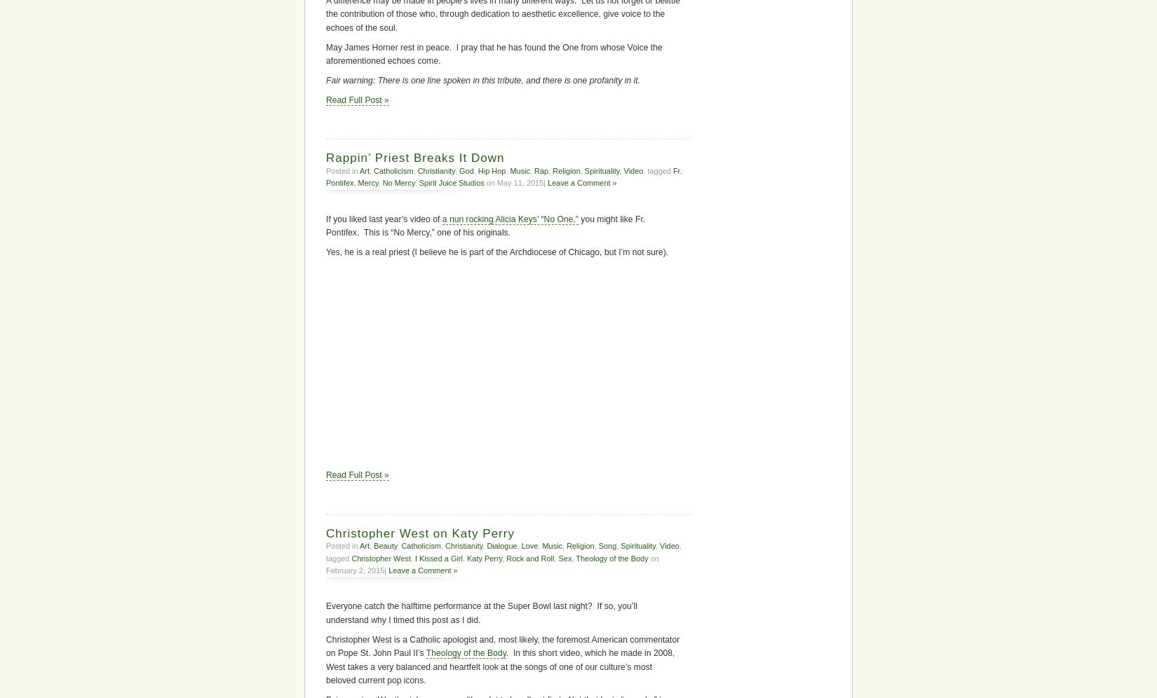  I want to click on 'Christopher West on Katy Perry', so click(419, 533).